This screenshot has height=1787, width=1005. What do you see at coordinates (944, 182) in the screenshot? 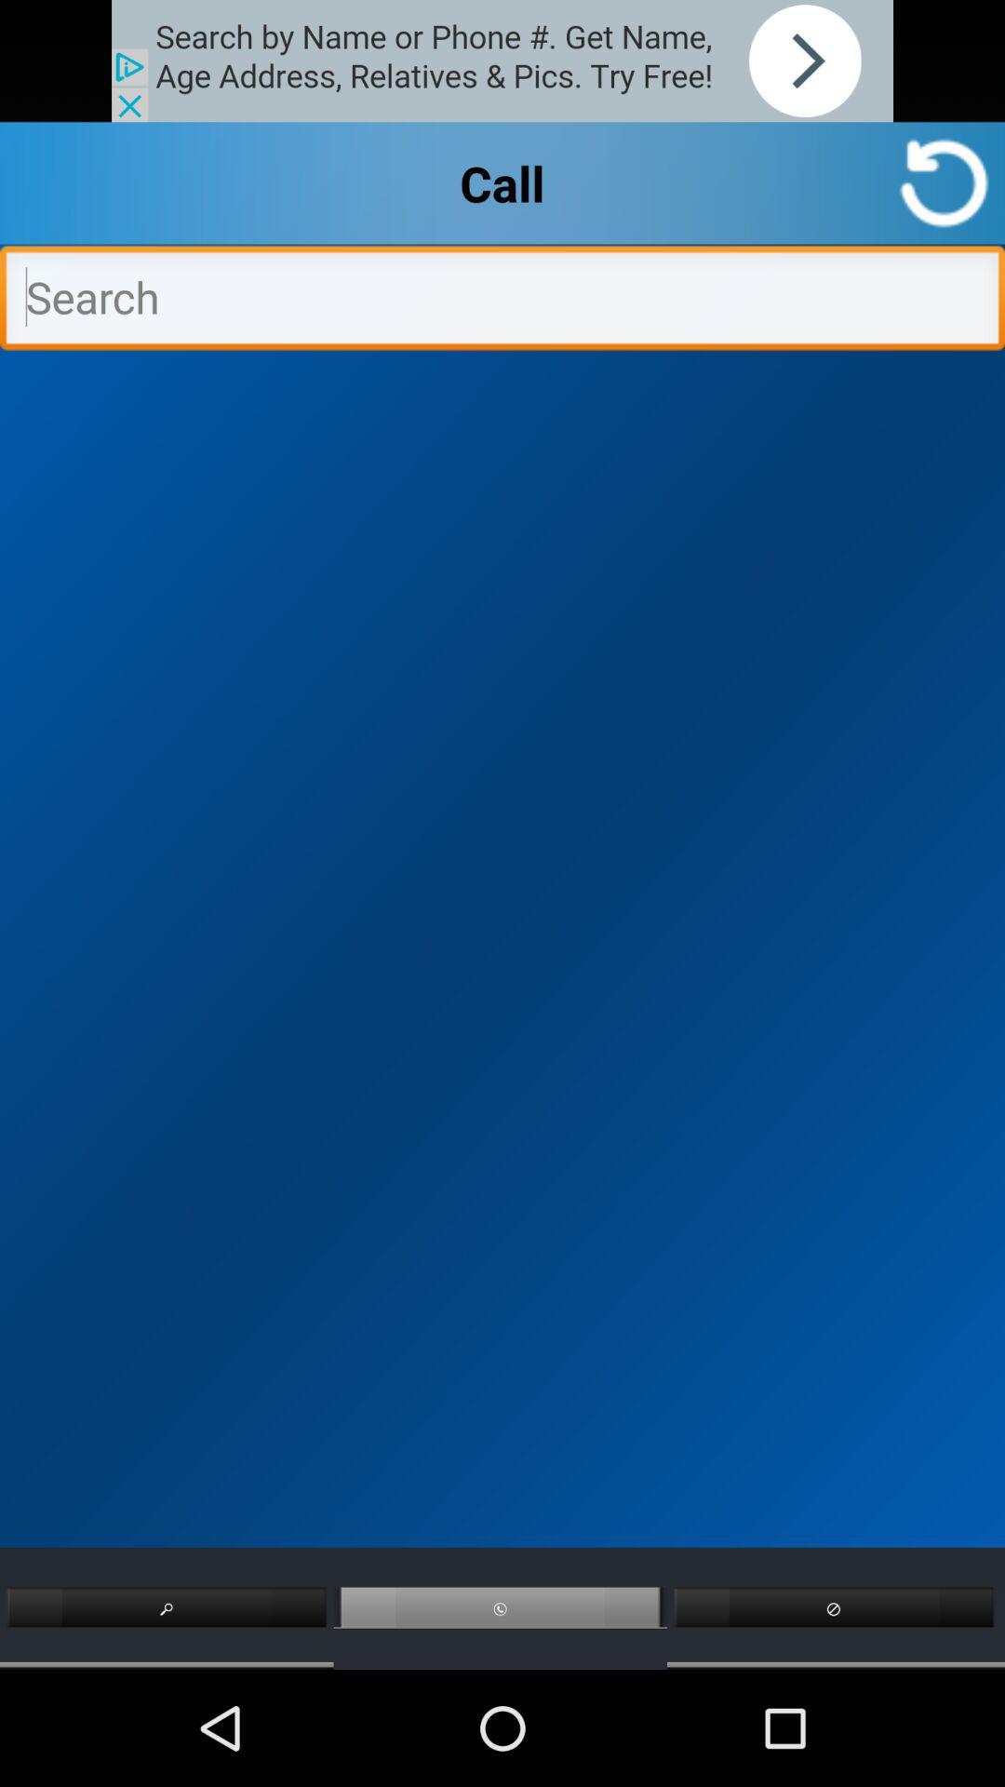
I see `switch reload option` at bounding box center [944, 182].